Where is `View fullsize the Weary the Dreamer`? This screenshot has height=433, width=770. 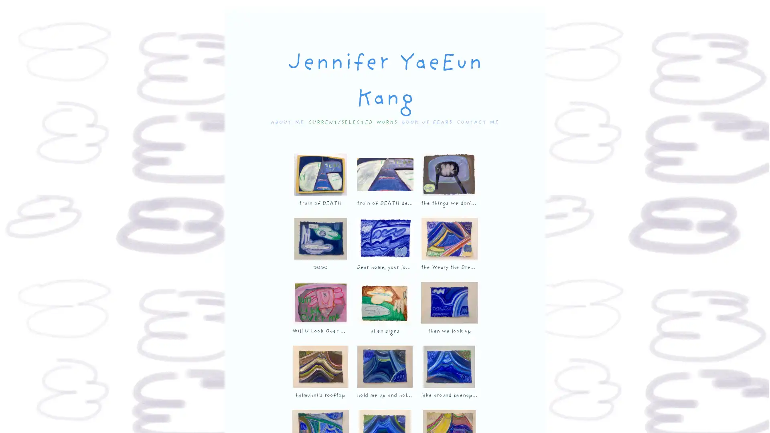 View fullsize the Weary the Dreamer is located at coordinates (448, 238).